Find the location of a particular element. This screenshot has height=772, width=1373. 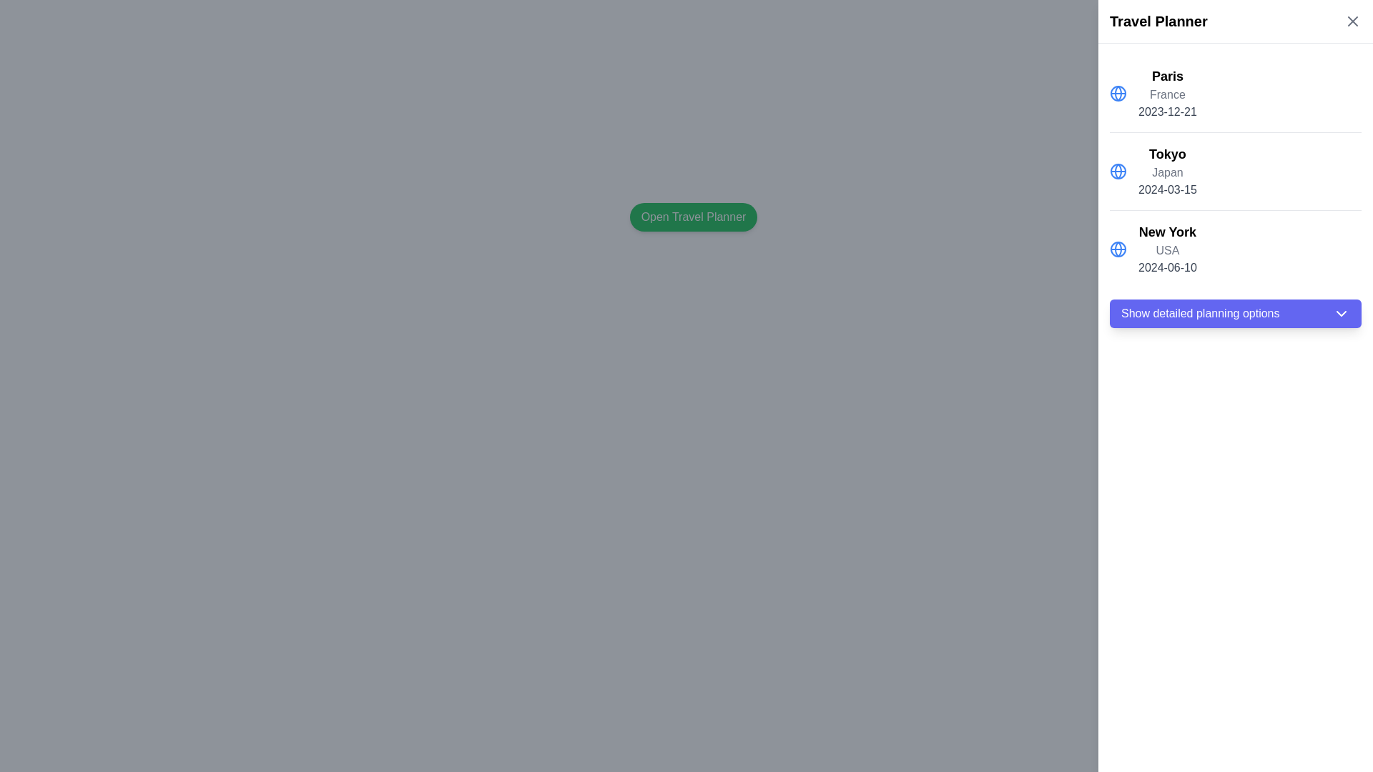

the geographical icon located in the sidebar on the right, positioned above the 'Tokyo, Japan' entry is located at coordinates (1118, 170).